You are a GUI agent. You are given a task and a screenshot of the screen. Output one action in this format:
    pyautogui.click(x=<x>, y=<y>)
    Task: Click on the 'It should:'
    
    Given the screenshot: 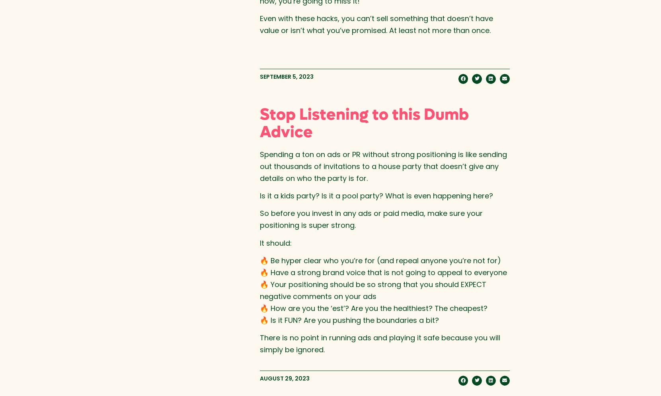 What is the action you would take?
    pyautogui.click(x=275, y=243)
    